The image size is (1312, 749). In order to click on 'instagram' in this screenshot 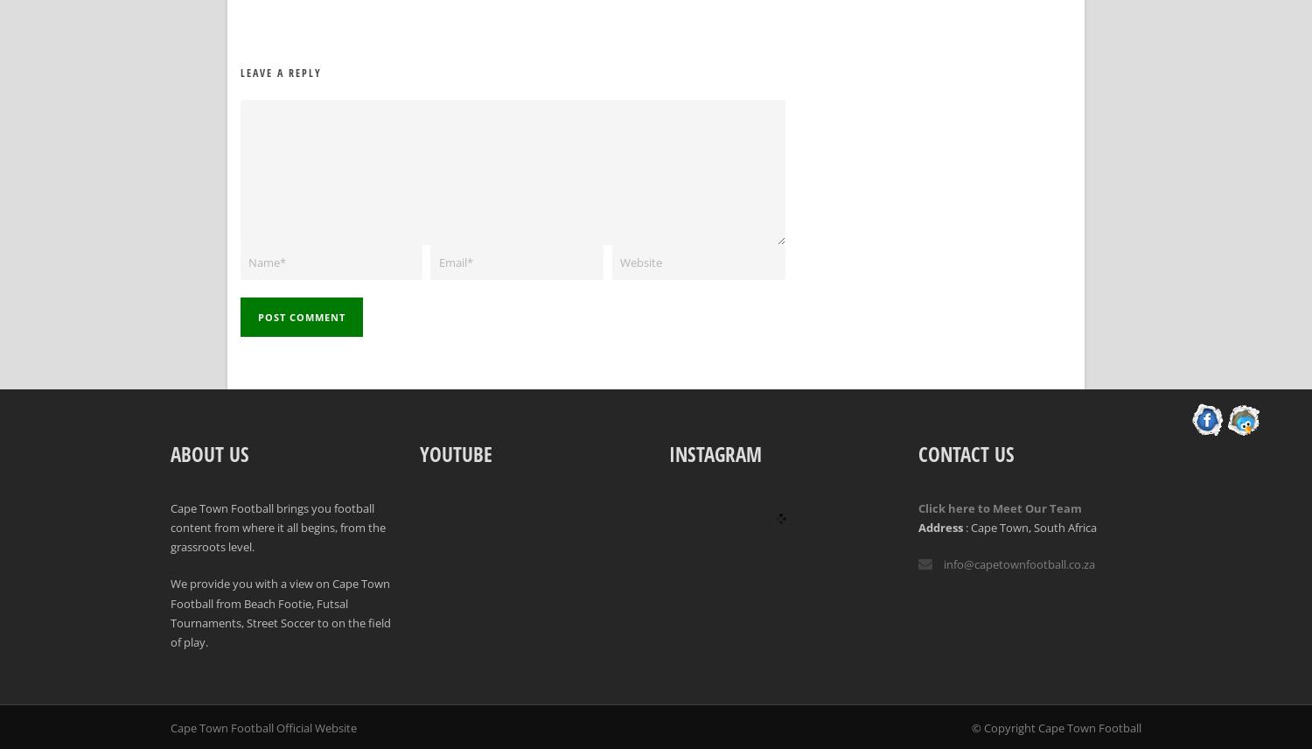, I will do `click(714, 453)`.